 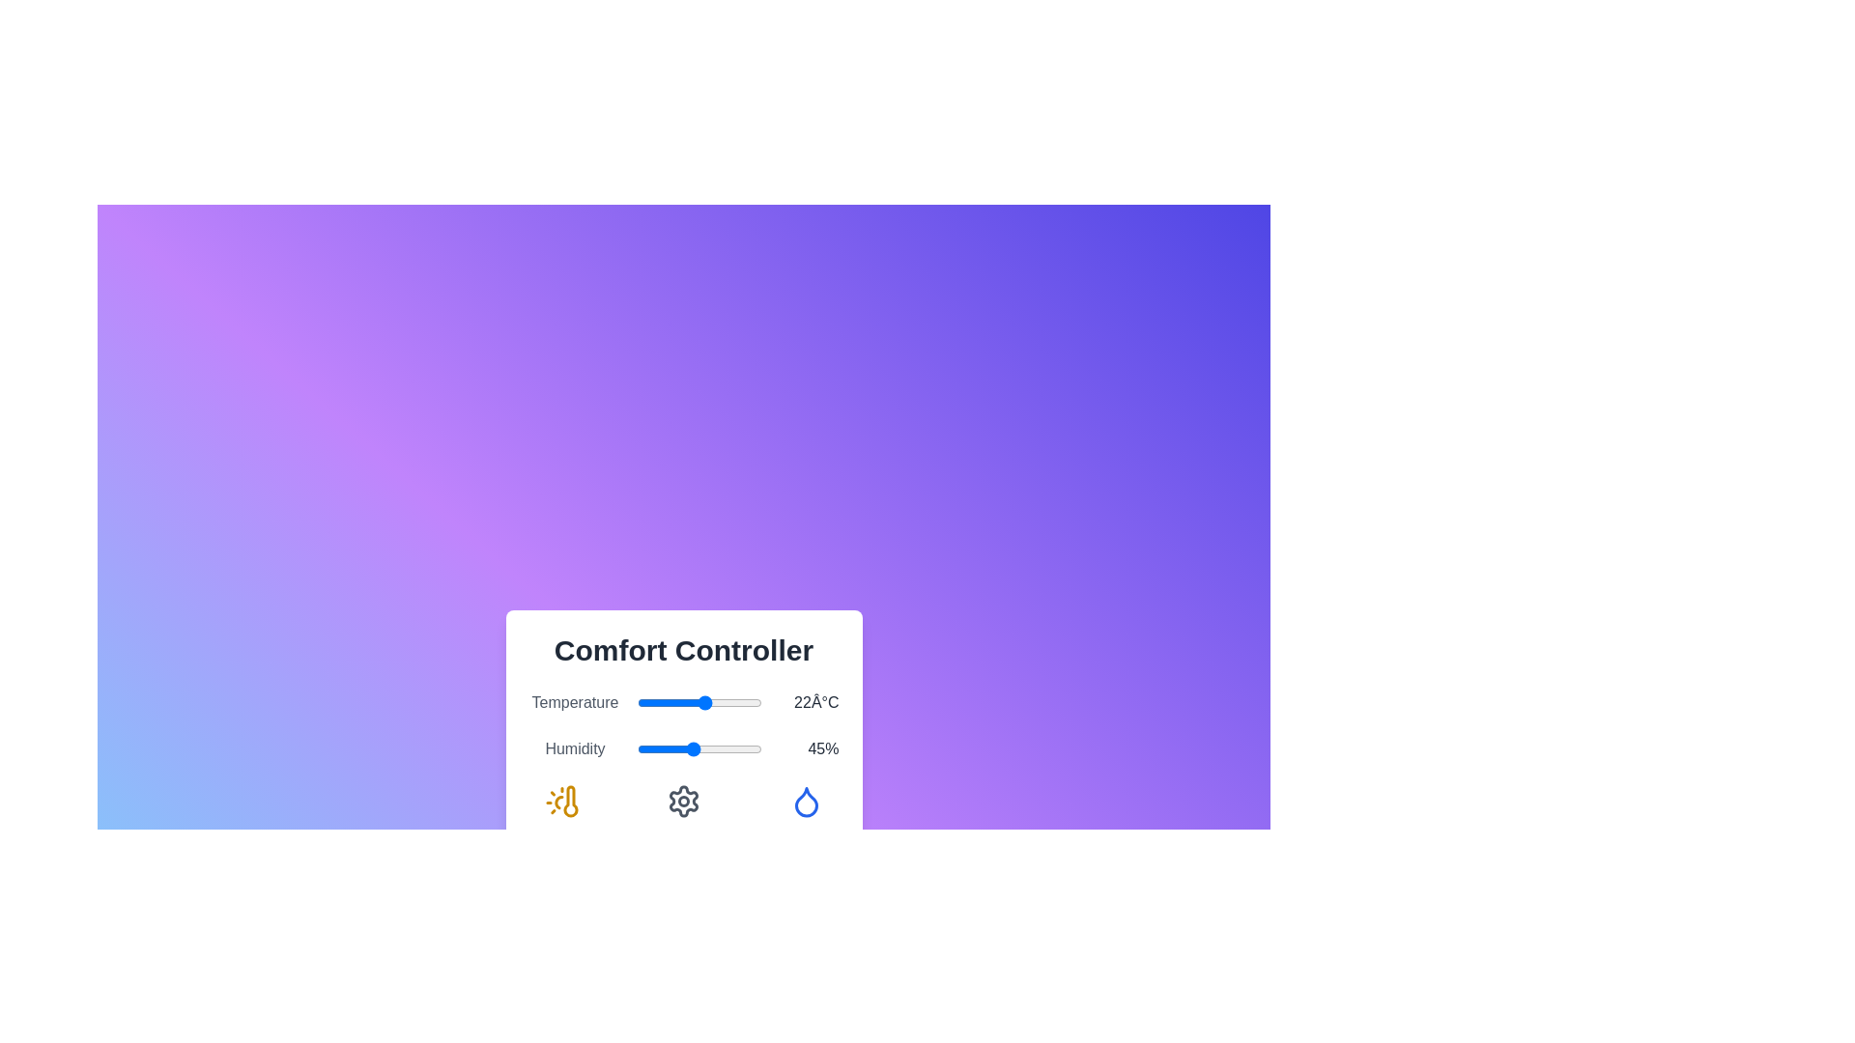 What do you see at coordinates (693, 747) in the screenshot?
I see `the humidity slider to set the value to 45` at bounding box center [693, 747].